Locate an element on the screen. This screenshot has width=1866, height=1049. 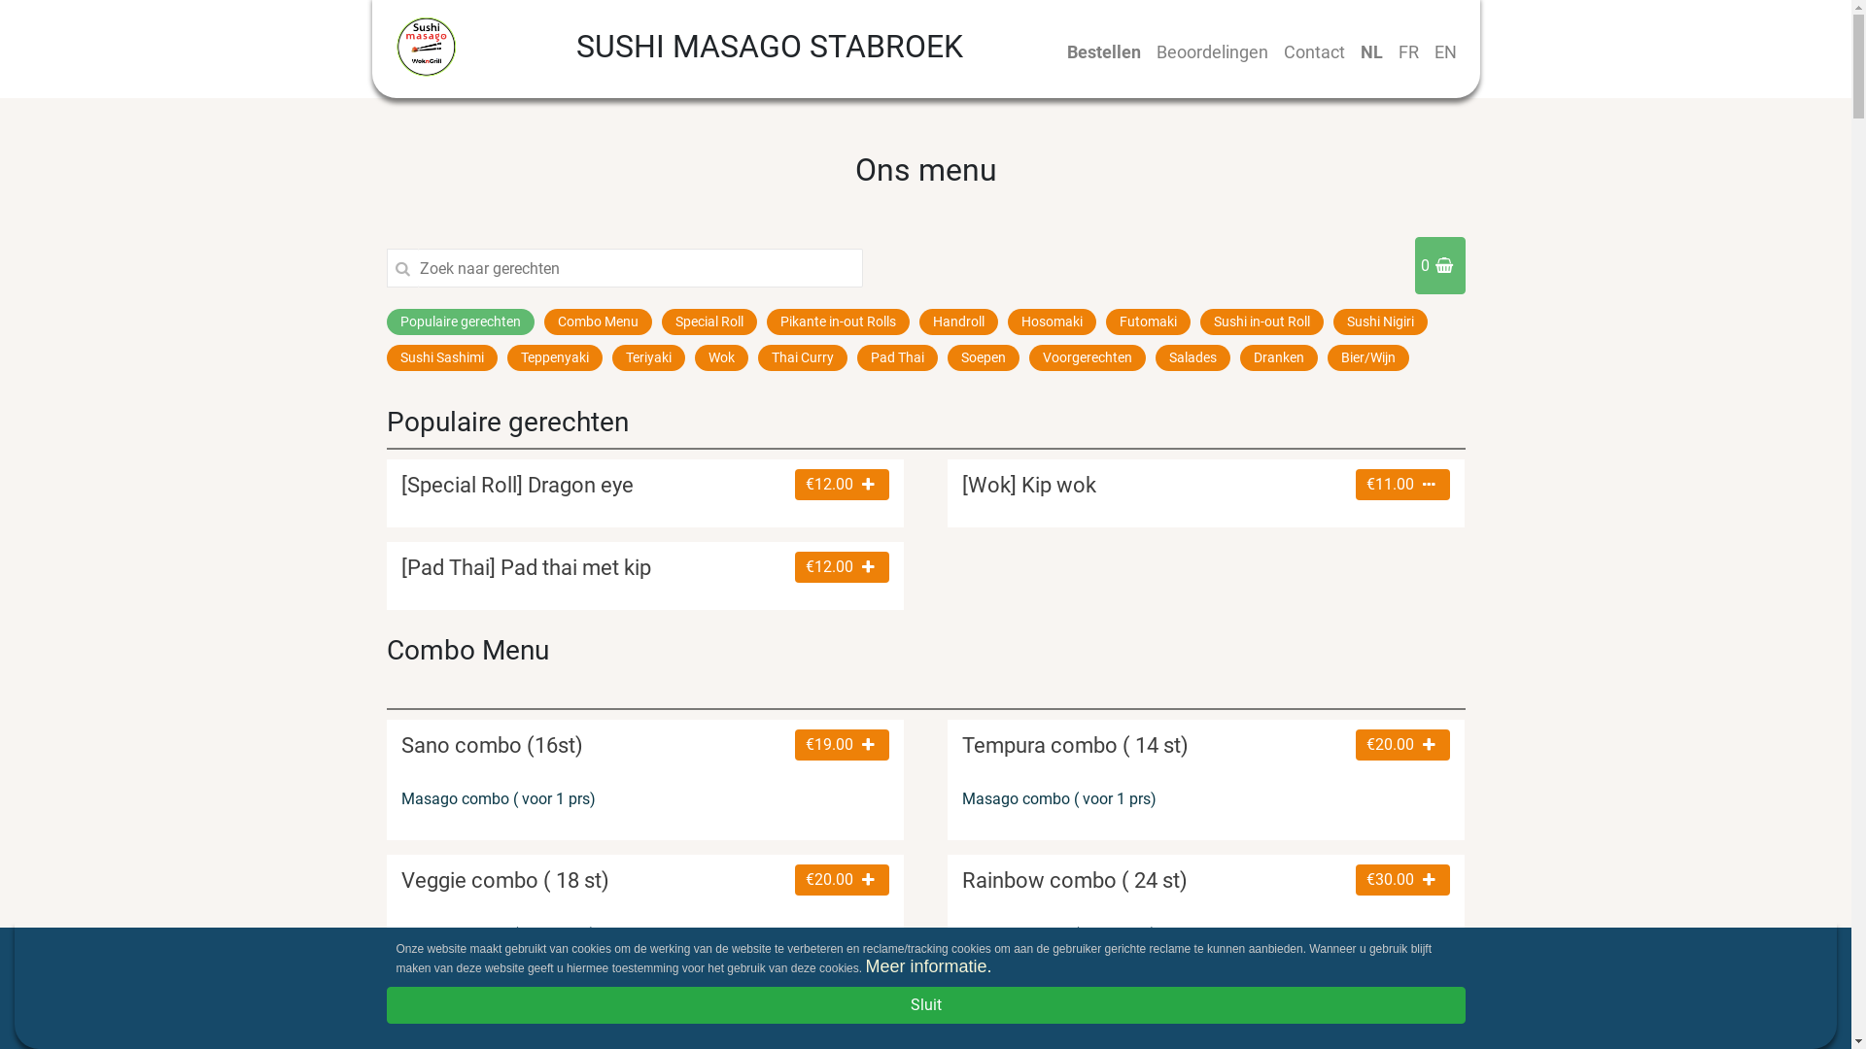
'Hosomaki' is located at coordinates (1007, 321).